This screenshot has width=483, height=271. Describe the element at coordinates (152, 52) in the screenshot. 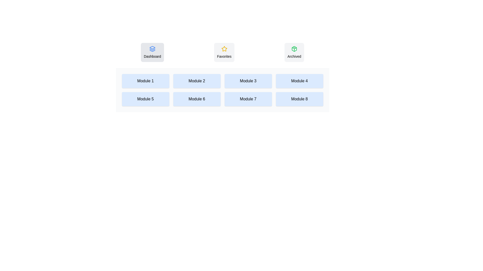

I see `the Dashboard tab by clicking its button` at that location.